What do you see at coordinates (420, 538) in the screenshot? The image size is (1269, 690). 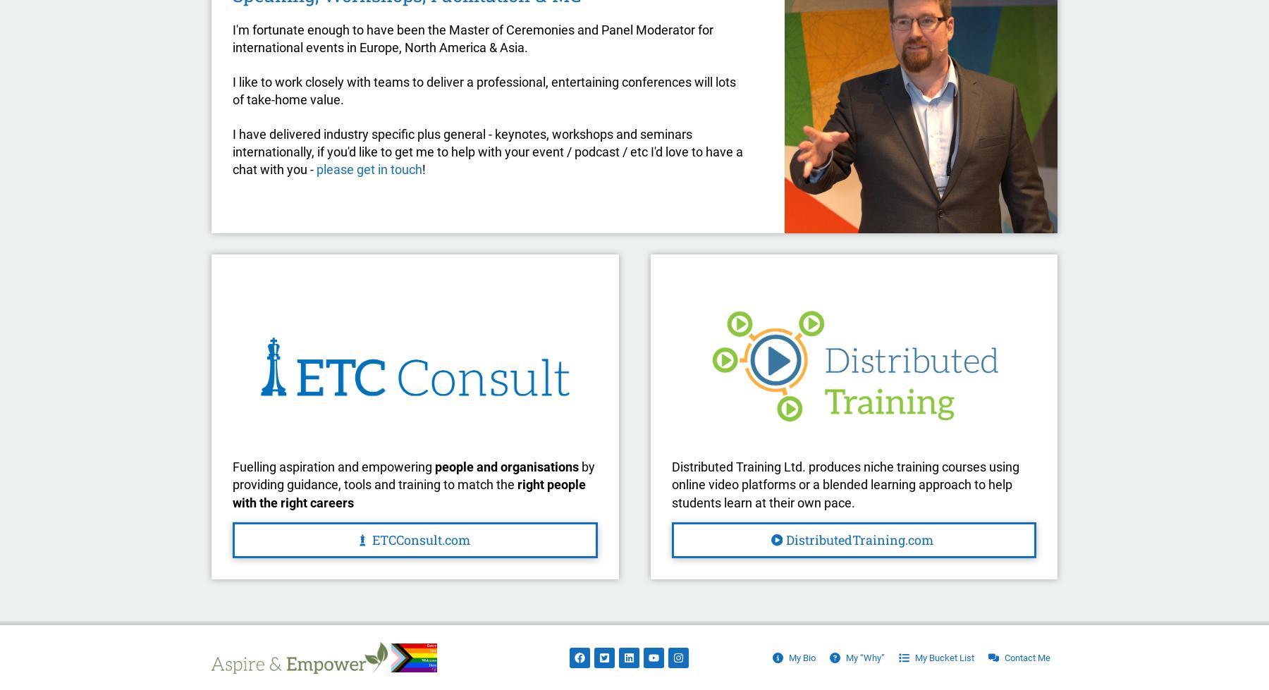 I see `'ETCConsult.com'` at bounding box center [420, 538].